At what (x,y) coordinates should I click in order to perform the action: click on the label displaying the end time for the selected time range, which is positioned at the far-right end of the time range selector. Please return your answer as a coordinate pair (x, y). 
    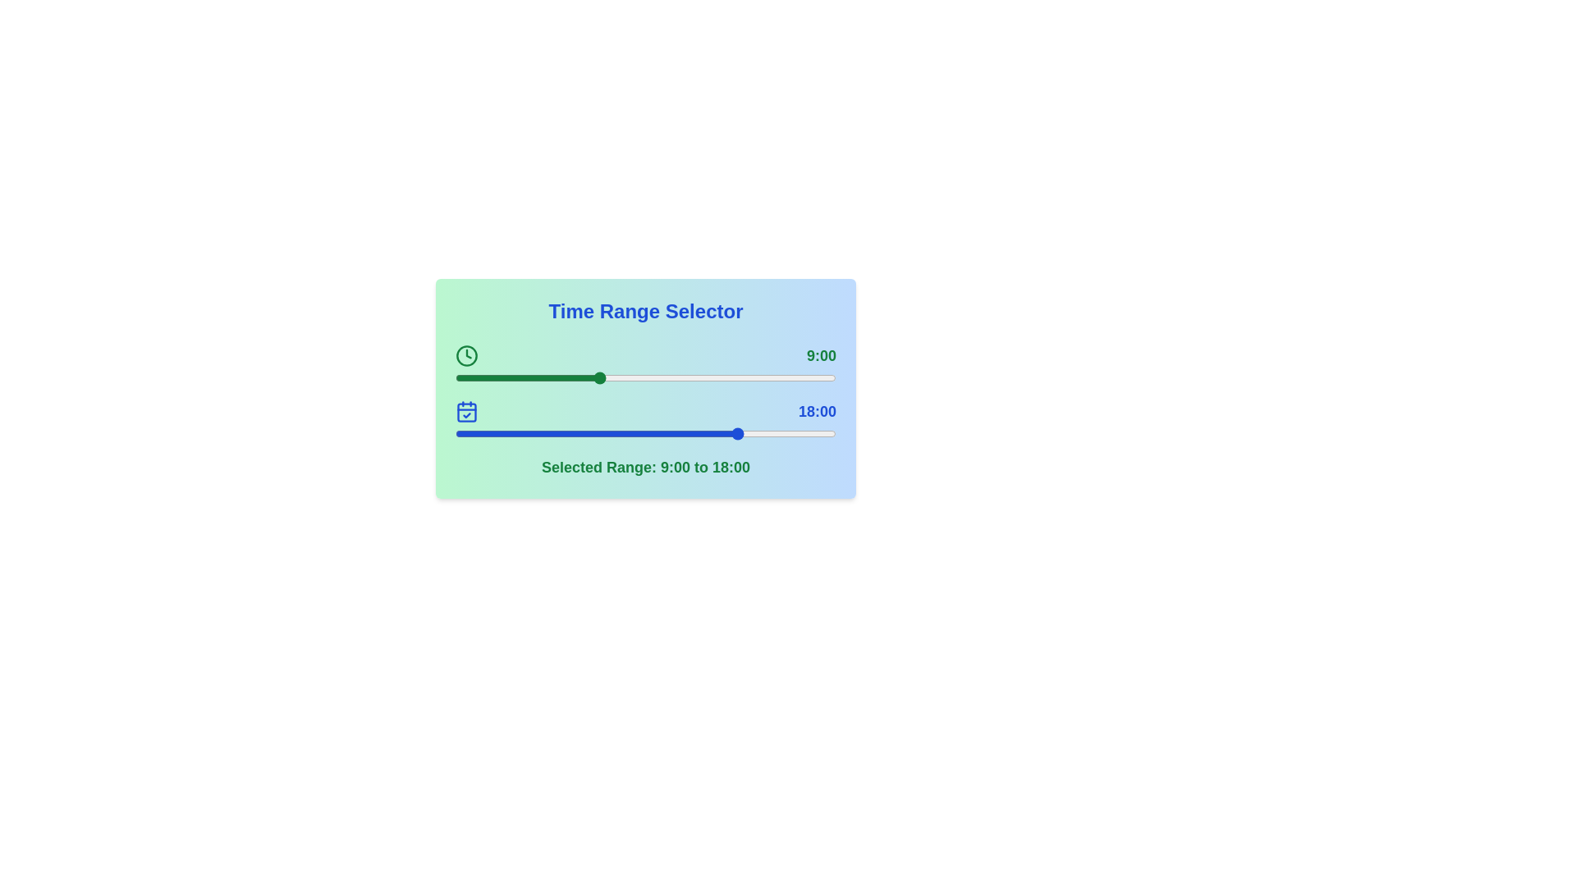
    Looking at the image, I should click on (817, 410).